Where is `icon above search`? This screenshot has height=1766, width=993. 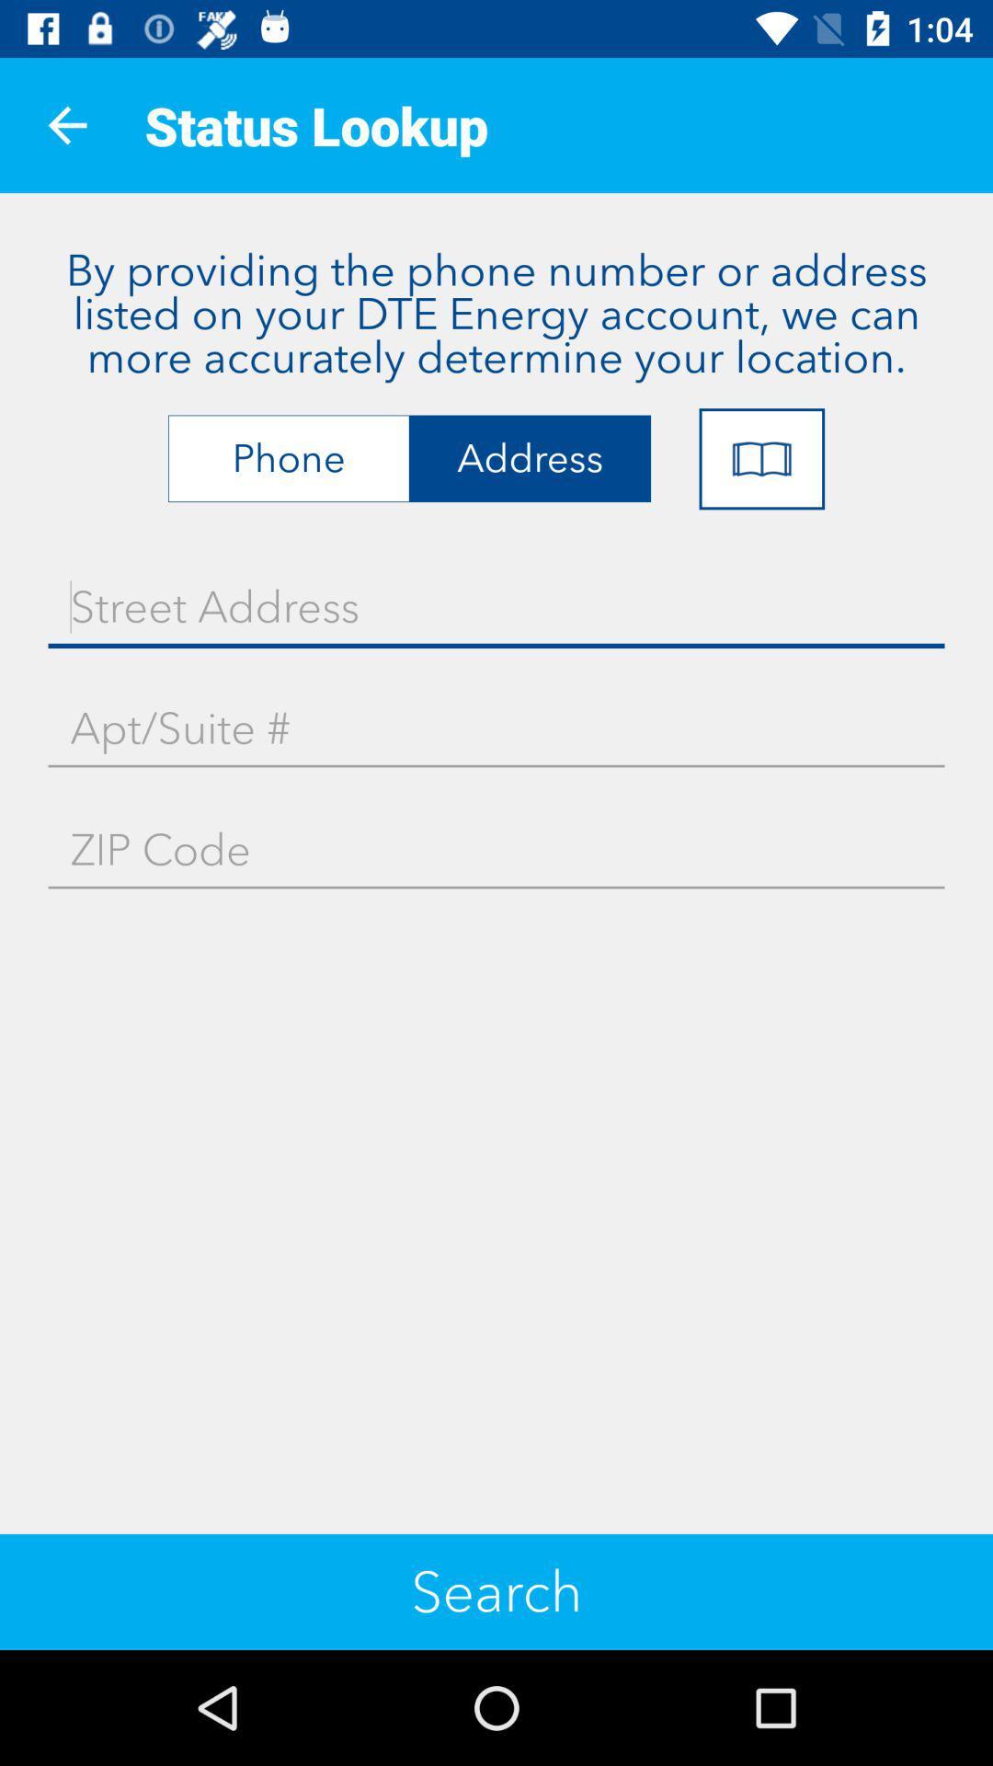 icon above search is located at coordinates (496, 849).